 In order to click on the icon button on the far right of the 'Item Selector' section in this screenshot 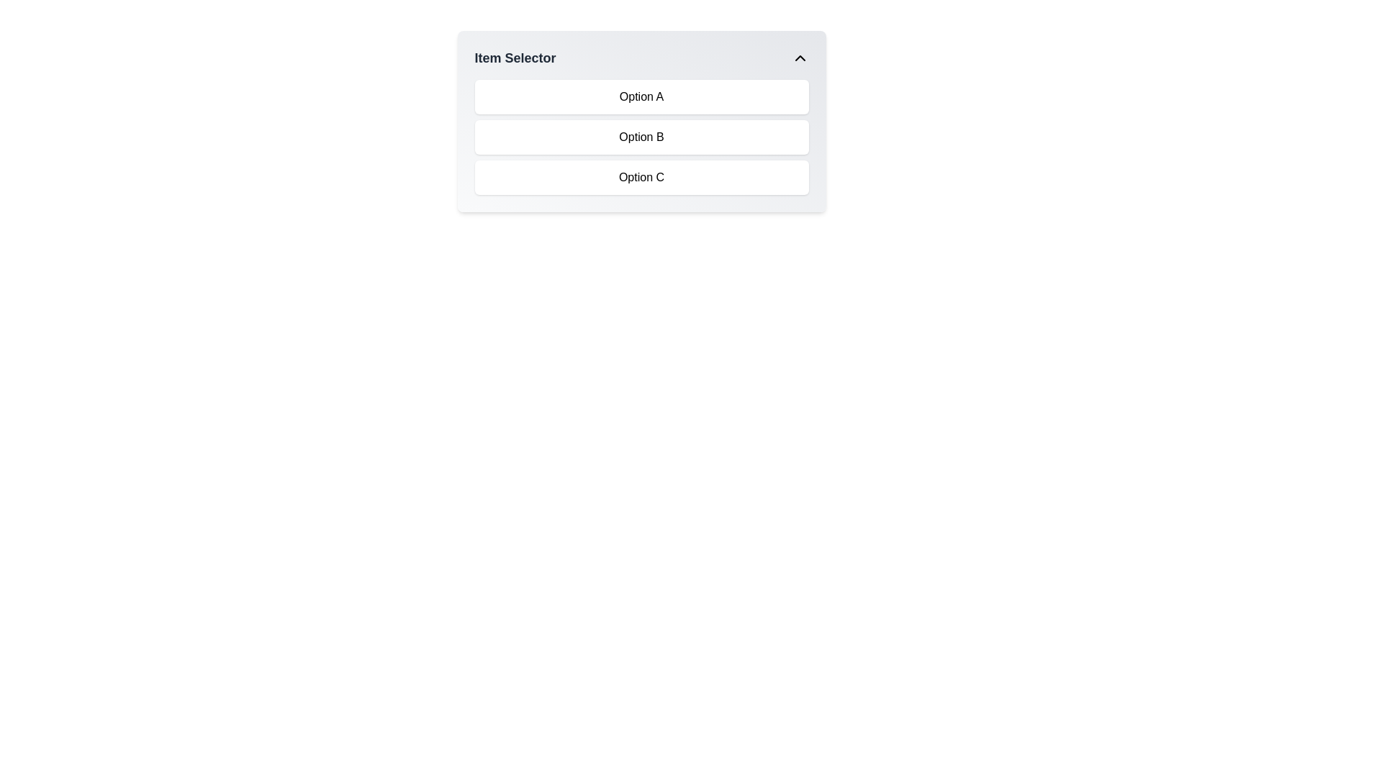, I will do `click(799, 58)`.